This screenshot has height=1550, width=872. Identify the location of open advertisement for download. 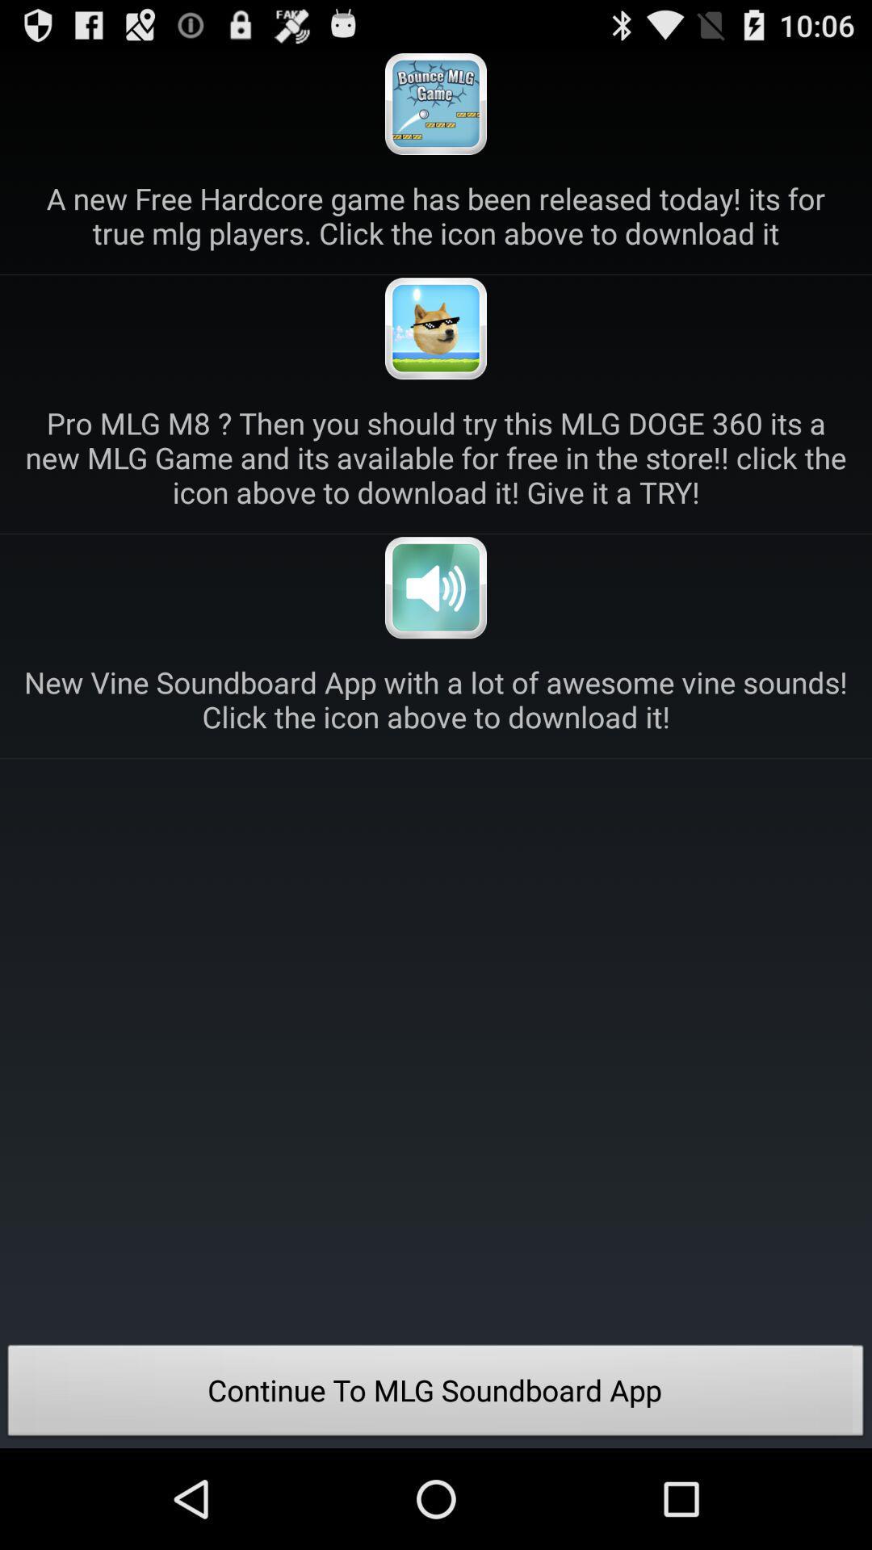
(436, 328).